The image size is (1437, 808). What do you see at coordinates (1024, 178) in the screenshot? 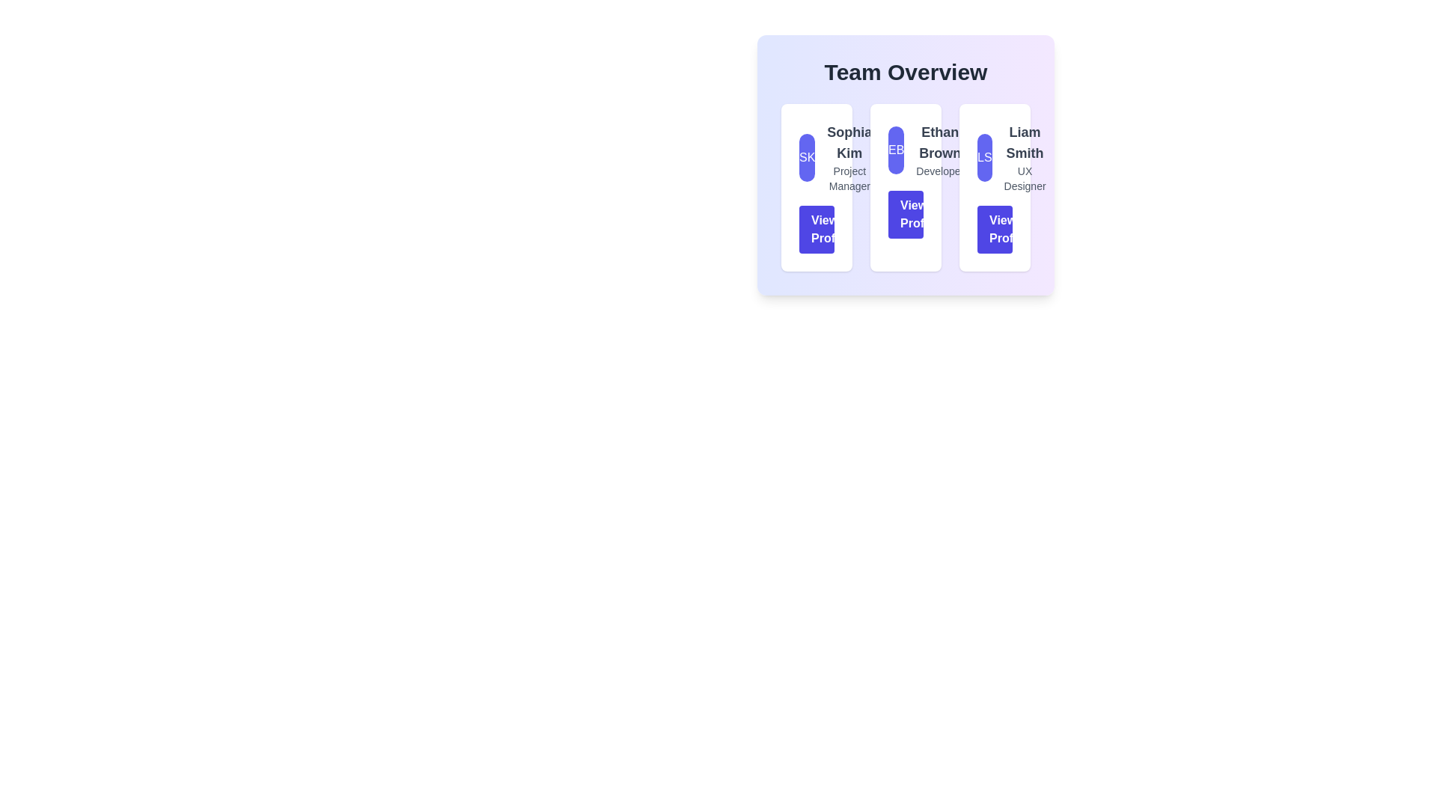
I see `the text label reading 'UX Designer' located below 'Liam Smith' within the team member card` at bounding box center [1024, 178].